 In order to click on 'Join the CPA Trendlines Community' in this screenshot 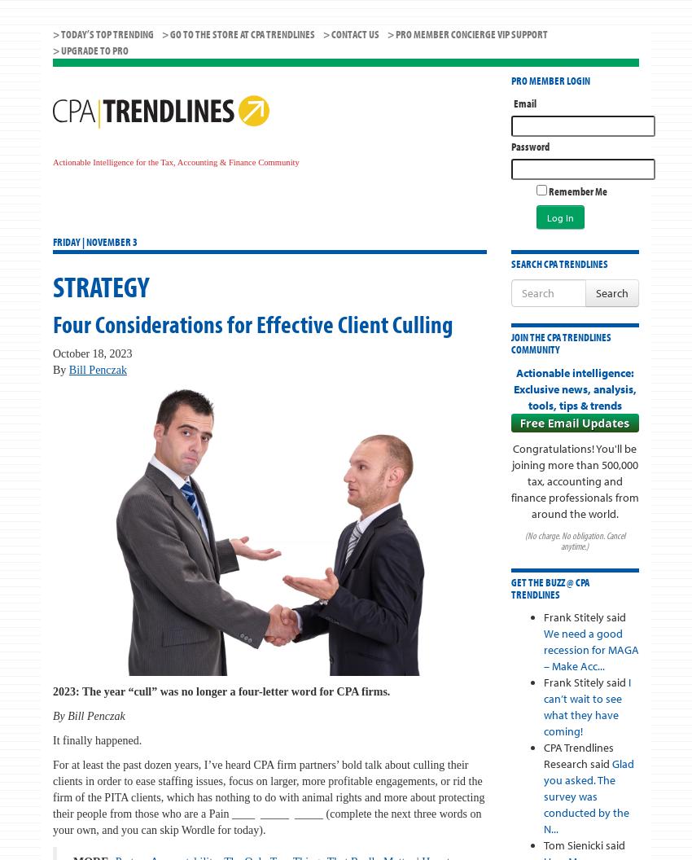, I will do `click(509, 343)`.